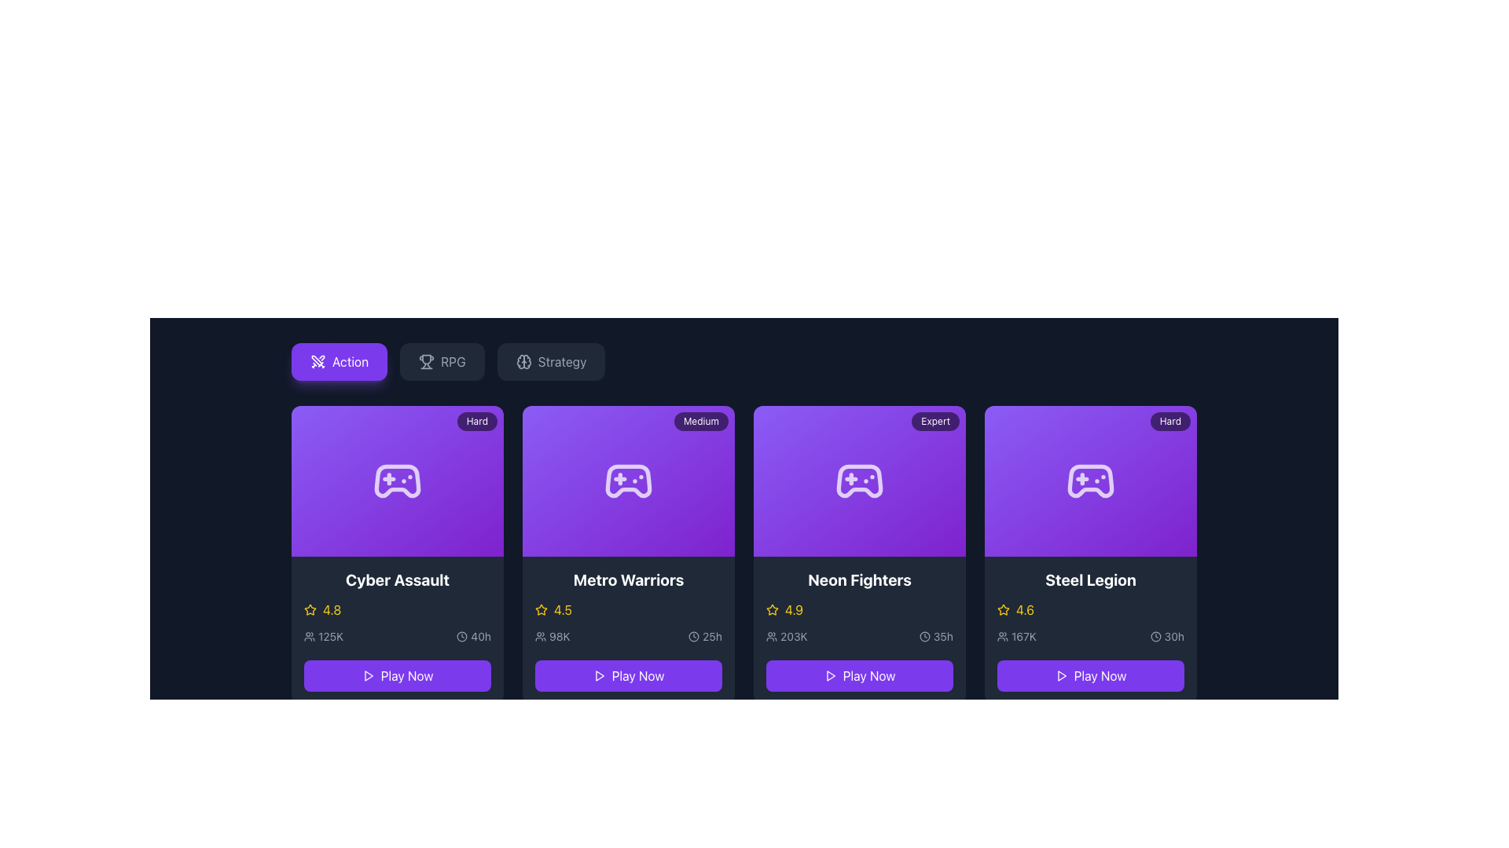 This screenshot has width=1509, height=848. I want to click on the triangular play icon that is centered within the purple 'Play Now' button for 'Metro Warriors', so click(598, 674).